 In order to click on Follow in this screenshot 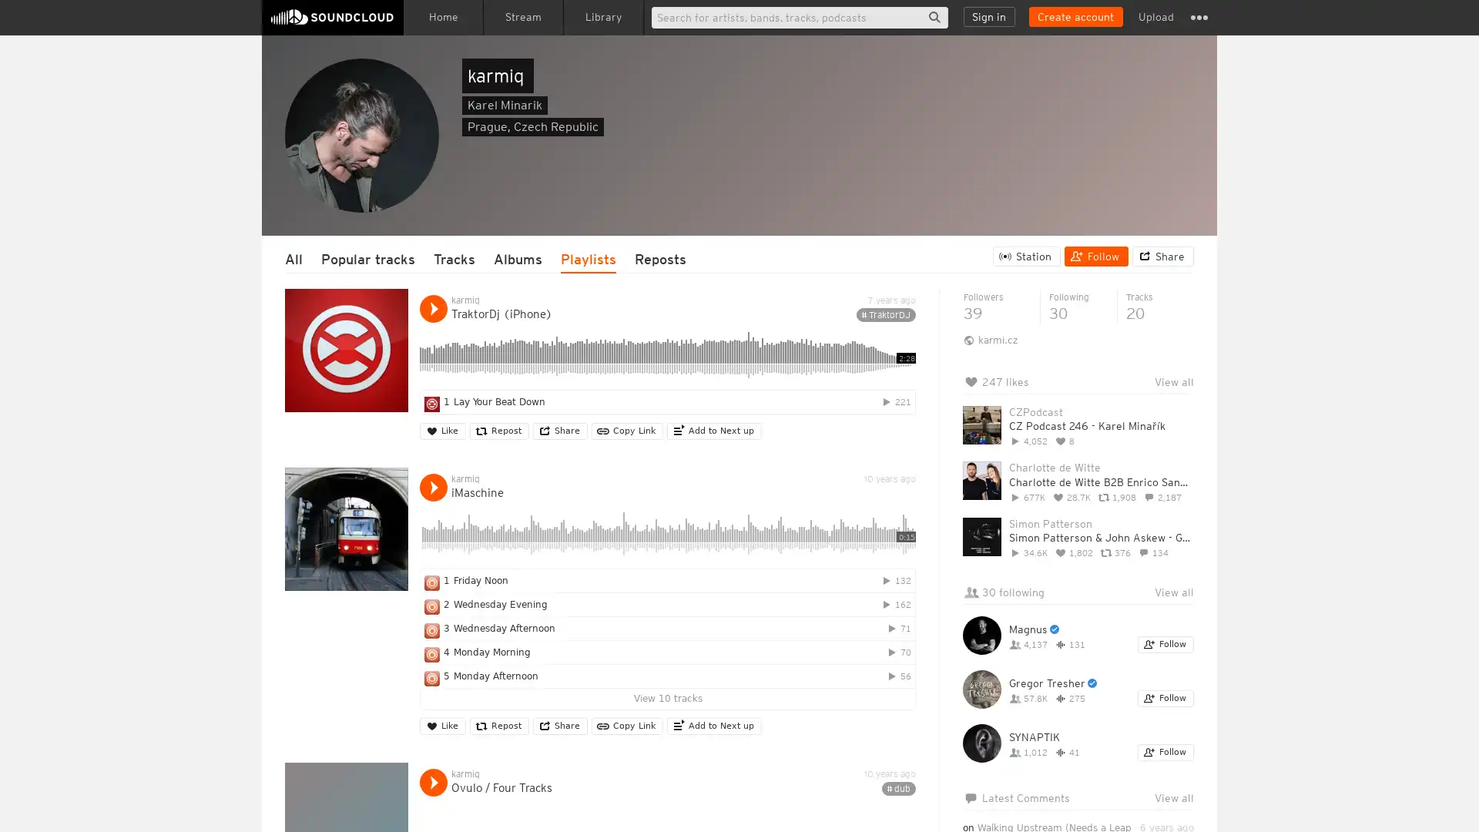, I will do `click(1165, 698)`.